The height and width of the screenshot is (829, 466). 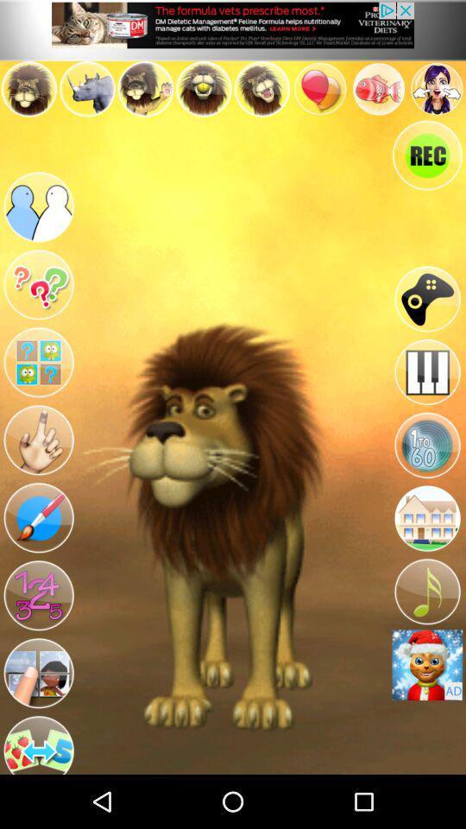 I want to click on the music icon, so click(x=426, y=632).